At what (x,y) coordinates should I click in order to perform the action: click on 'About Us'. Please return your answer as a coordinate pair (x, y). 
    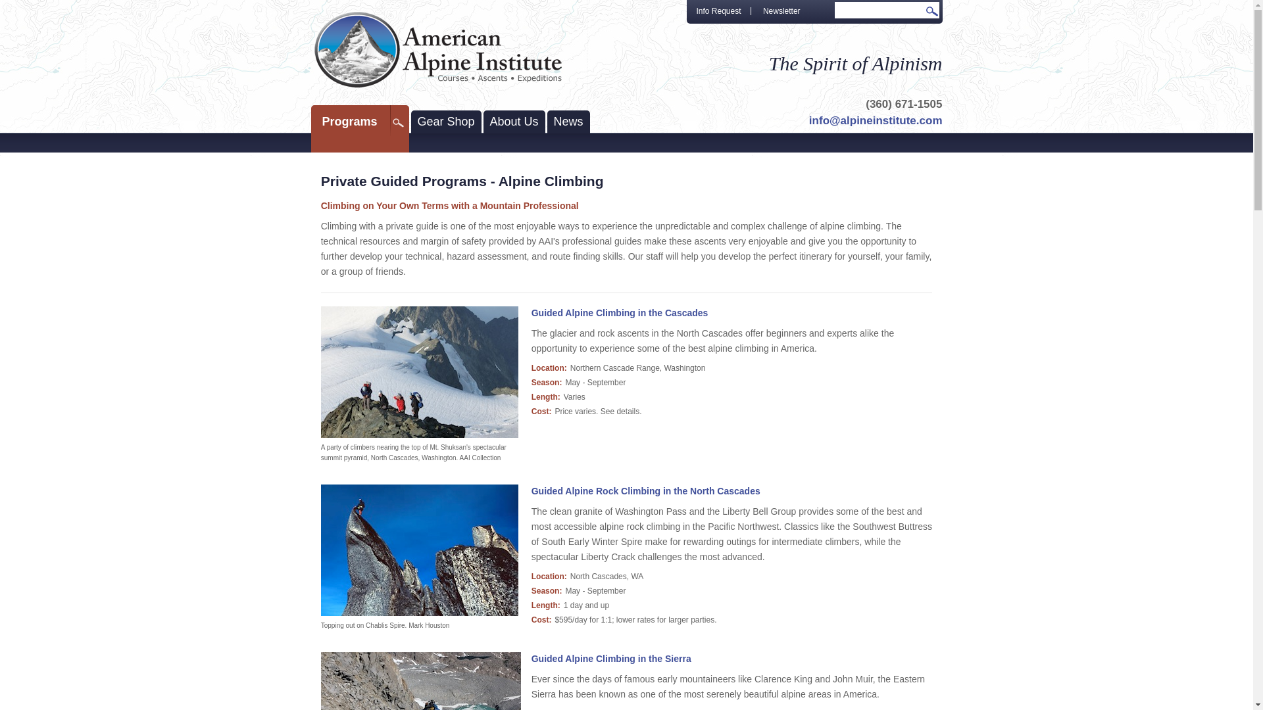
    Looking at the image, I should click on (482, 122).